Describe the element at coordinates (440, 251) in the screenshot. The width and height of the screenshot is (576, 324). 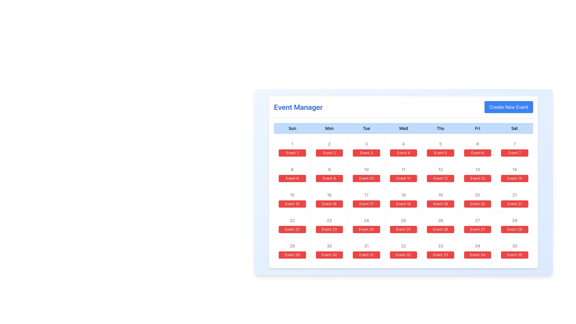
I see `the interactive button labeled 'Event 33' with a numeric indicator '33'` at that location.